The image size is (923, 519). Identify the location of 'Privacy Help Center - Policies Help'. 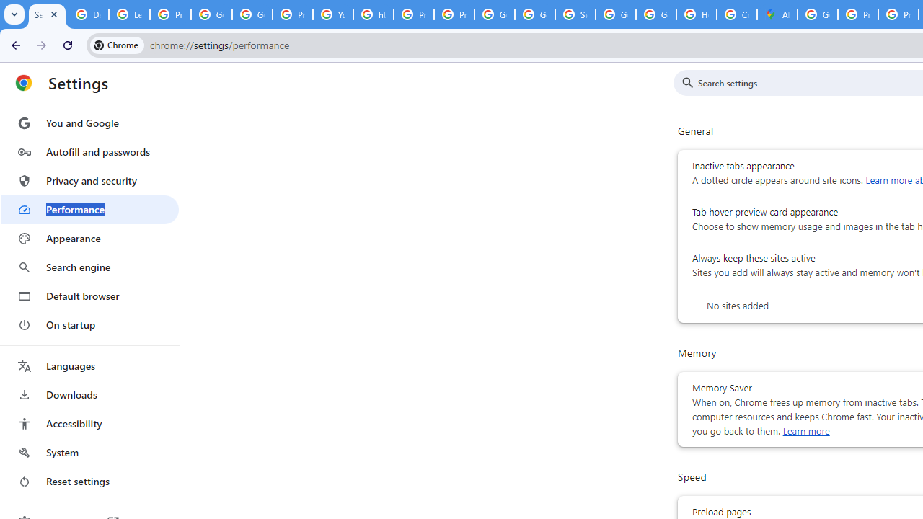
(413, 14).